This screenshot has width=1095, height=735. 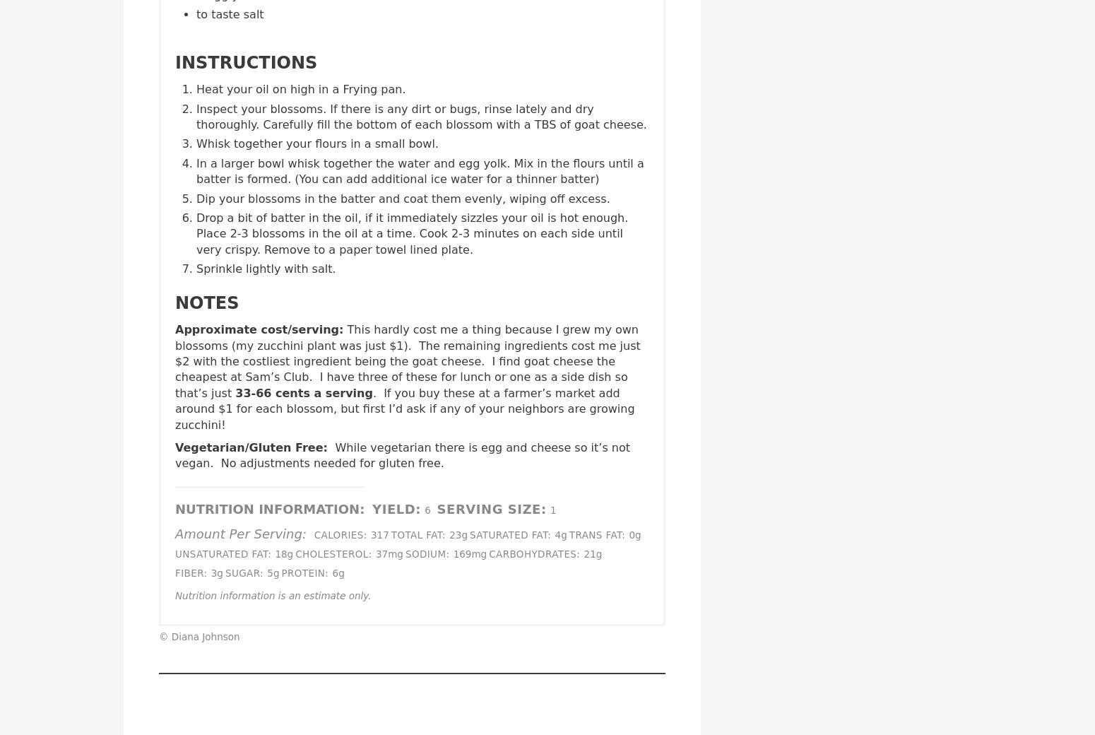 I want to click on 'Saturated Fat:', so click(x=510, y=534).